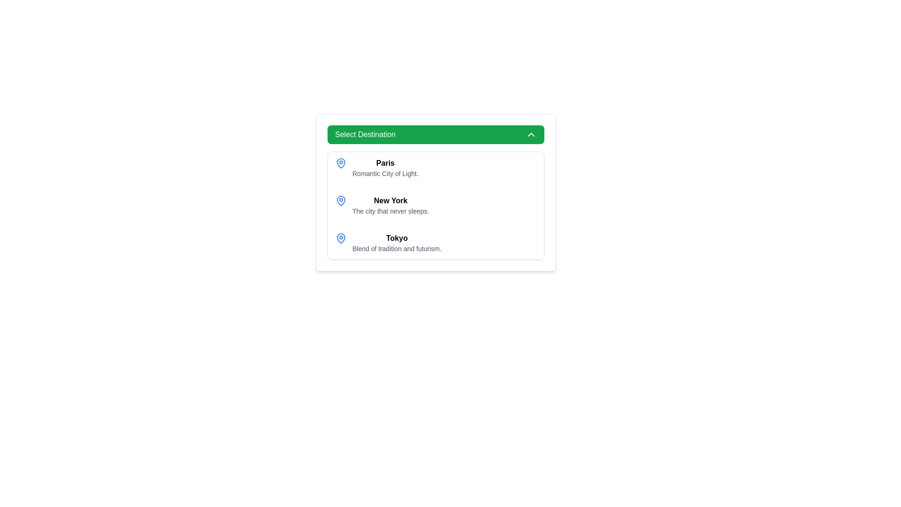 This screenshot has width=901, height=507. What do you see at coordinates (390, 200) in the screenshot?
I see `the bold text label 'New York'` at bounding box center [390, 200].